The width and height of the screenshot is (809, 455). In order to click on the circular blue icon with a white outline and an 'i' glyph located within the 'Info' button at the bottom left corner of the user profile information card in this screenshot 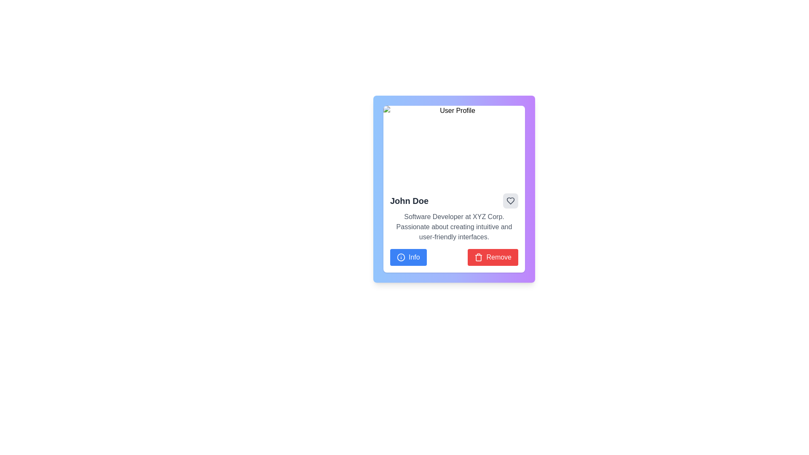, I will do `click(400, 257)`.